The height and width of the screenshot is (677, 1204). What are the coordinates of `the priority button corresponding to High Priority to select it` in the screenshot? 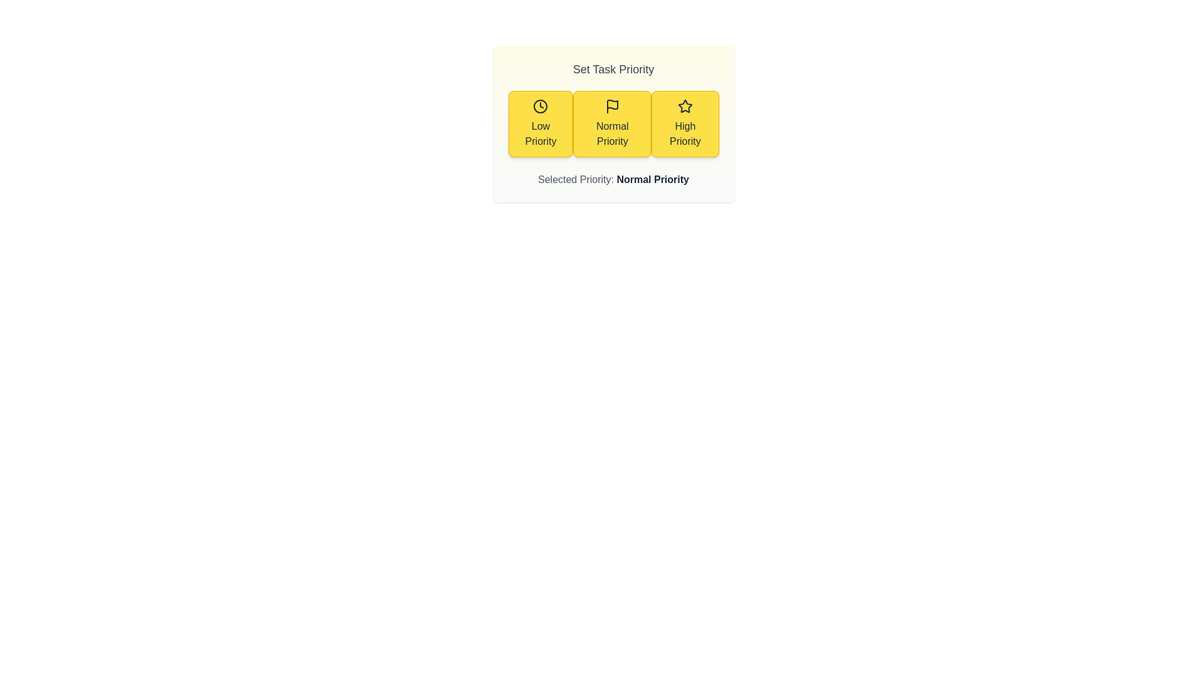 It's located at (684, 123).